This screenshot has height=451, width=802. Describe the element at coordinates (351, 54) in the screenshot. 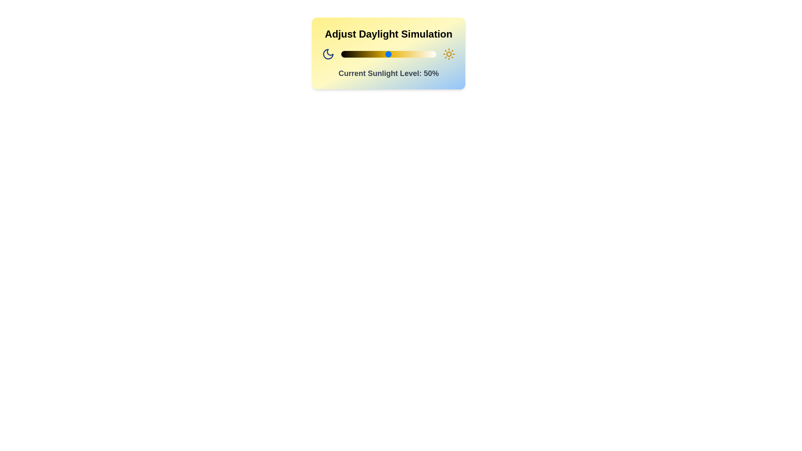

I see `the sunlight level to 10% by interacting with the slider` at that location.